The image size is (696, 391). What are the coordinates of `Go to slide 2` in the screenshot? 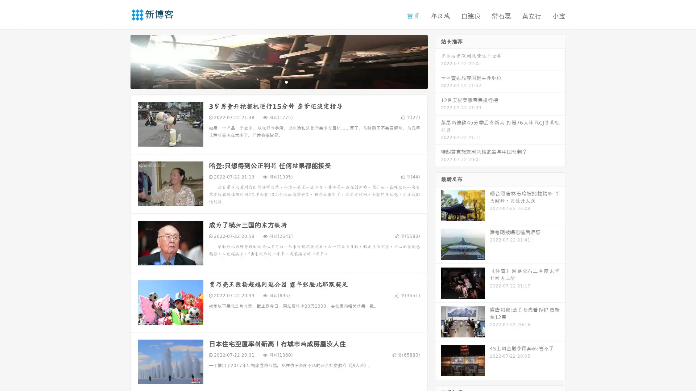 It's located at (278, 81).